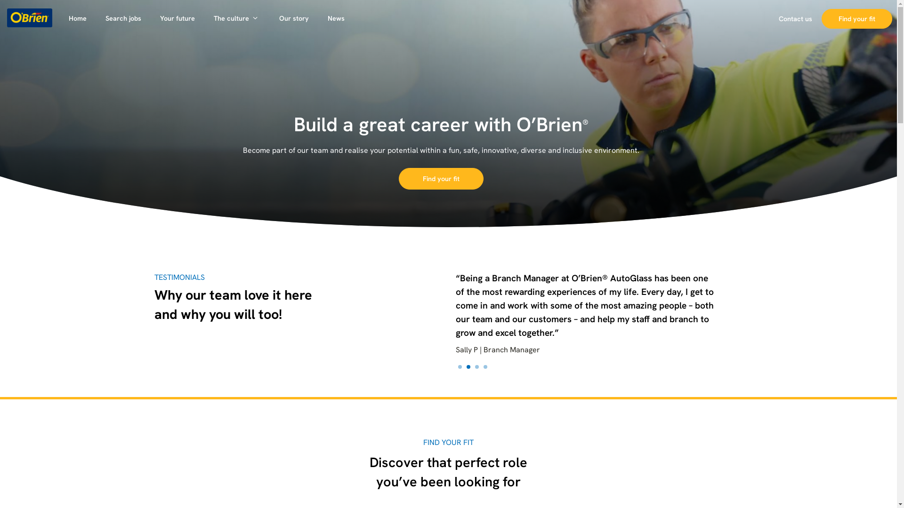  Describe the element at coordinates (77, 18) in the screenshot. I see `'Home'` at that location.